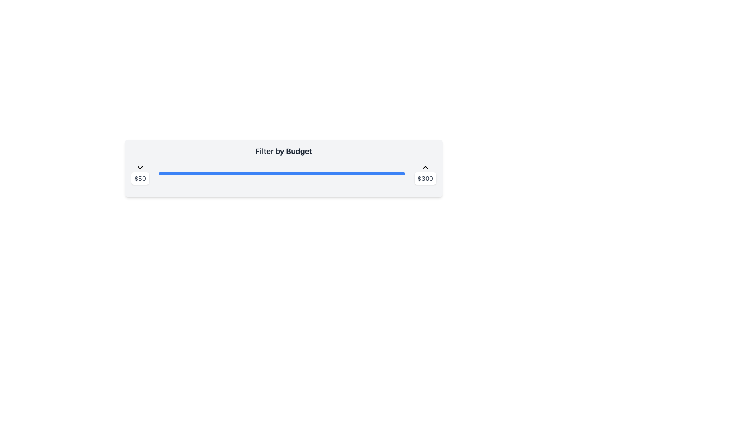 The height and width of the screenshot is (421, 748). What do you see at coordinates (281, 173) in the screenshot?
I see `the Range Slider Track, which visually represents a budget filter between the labels '$50' and '$300'` at bounding box center [281, 173].